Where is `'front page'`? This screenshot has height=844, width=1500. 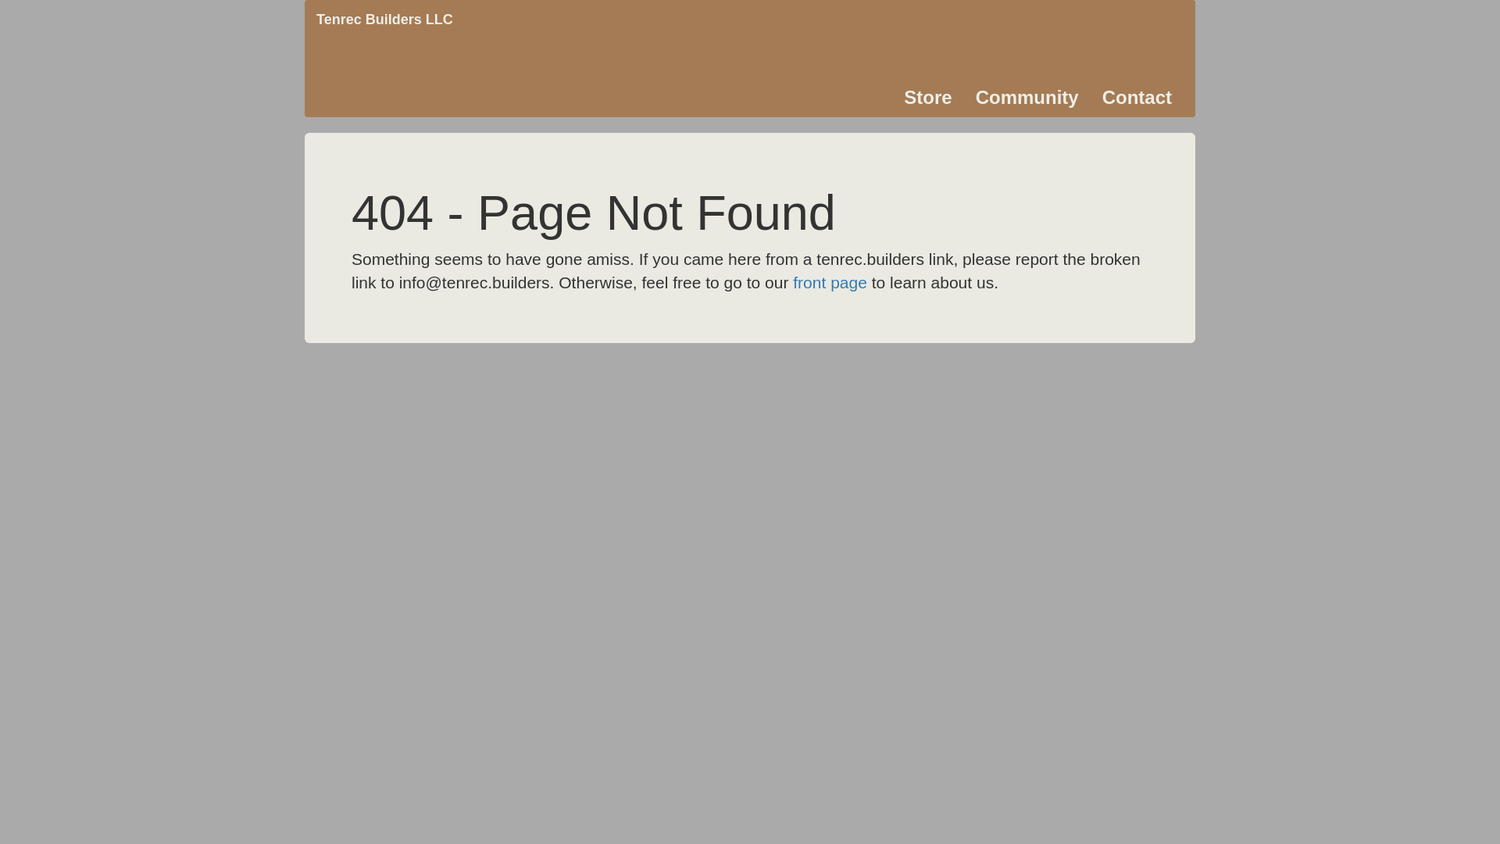
'front page' is located at coordinates (792, 282).